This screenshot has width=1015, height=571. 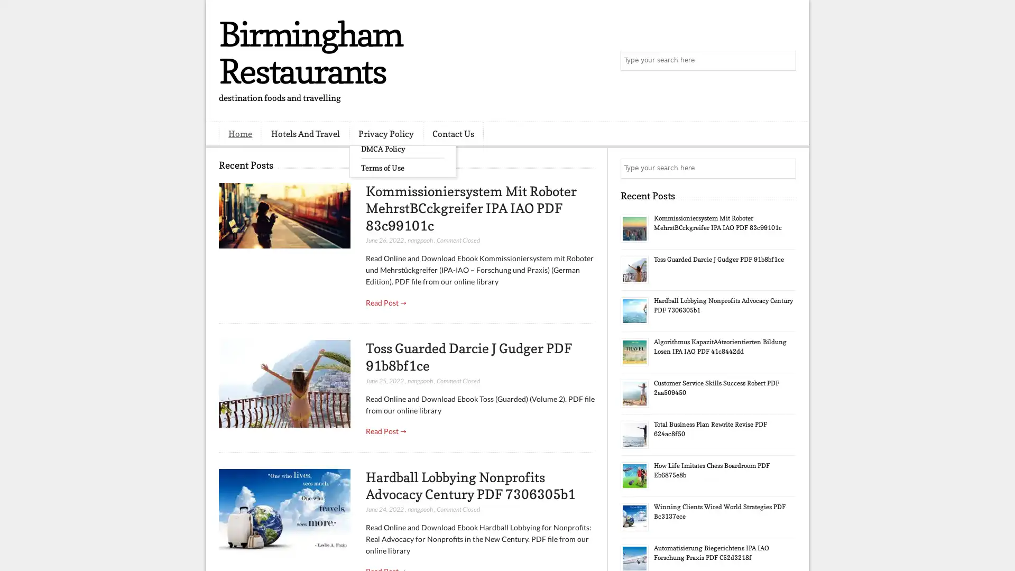 I want to click on Search, so click(x=785, y=168).